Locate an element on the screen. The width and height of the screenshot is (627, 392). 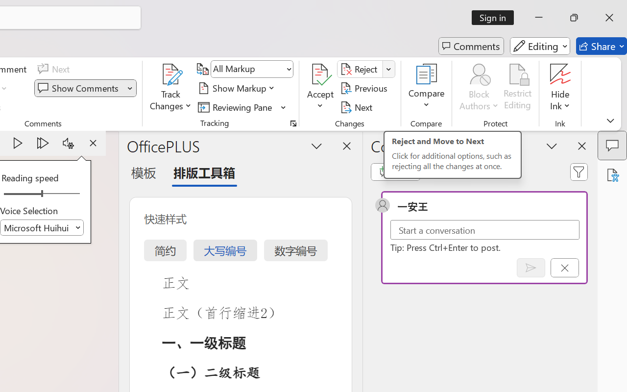
'Accept' is located at coordinates (320, 88).